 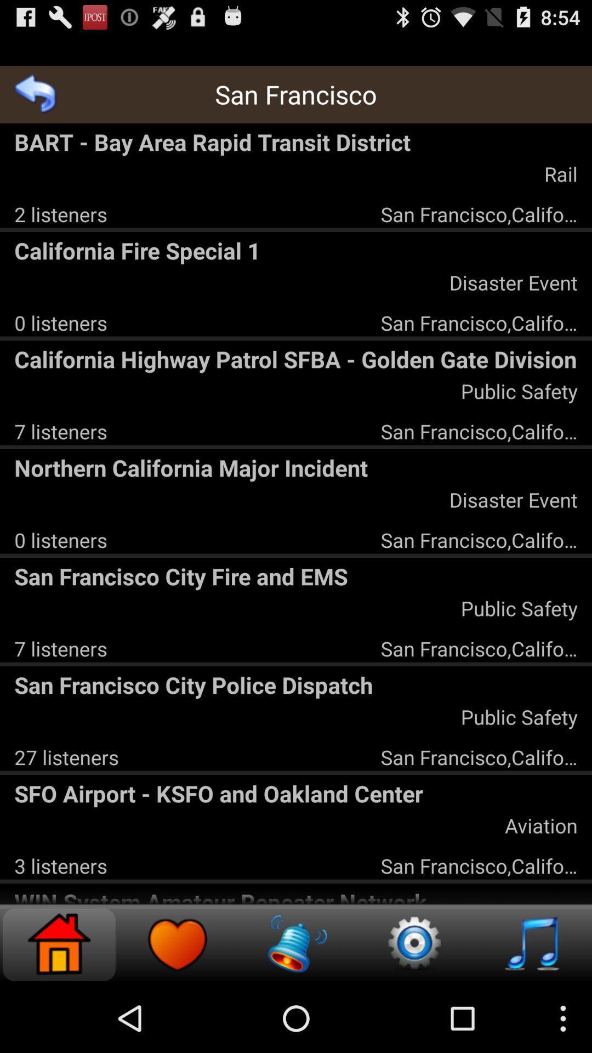 I want to click on 27 listeners app, so click(x=66, y=756).